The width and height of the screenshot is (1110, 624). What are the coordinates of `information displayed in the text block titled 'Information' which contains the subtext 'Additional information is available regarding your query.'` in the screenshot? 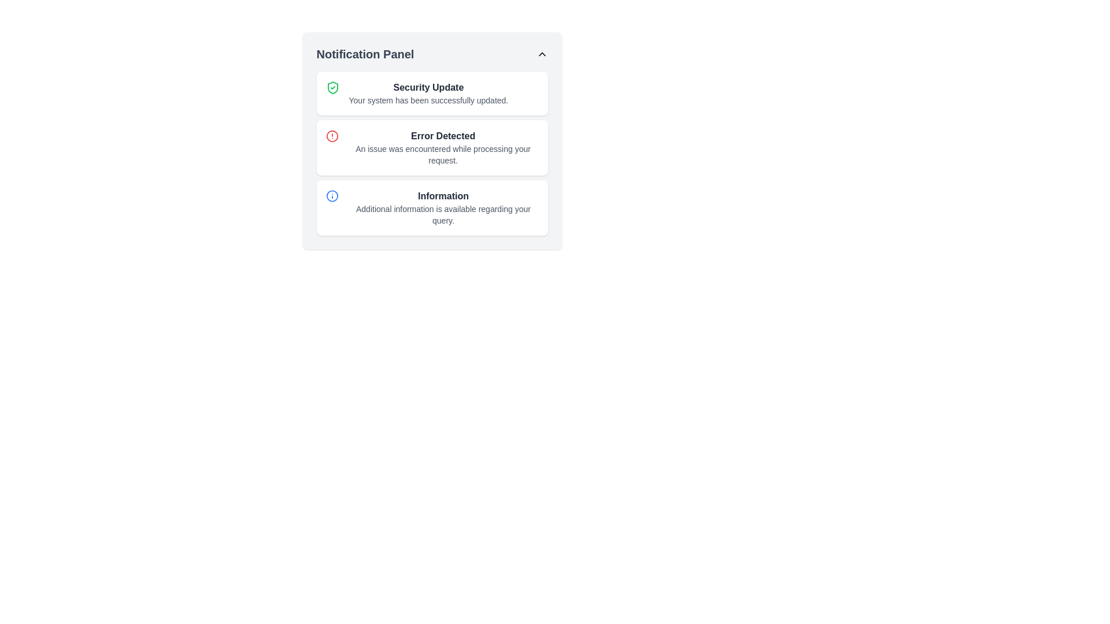 It's located at (443, 207).